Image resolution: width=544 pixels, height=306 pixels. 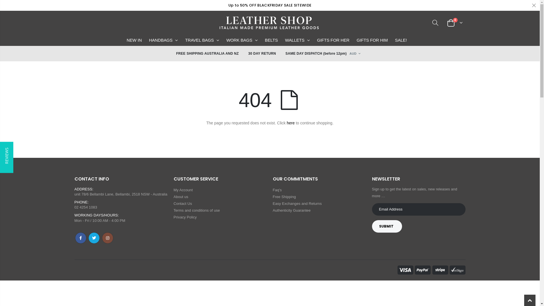 What do you see at coordinates (336, 38) in the screenshot?
I see `'GIFTS FOR HER'` at bounding box center [336, 38].